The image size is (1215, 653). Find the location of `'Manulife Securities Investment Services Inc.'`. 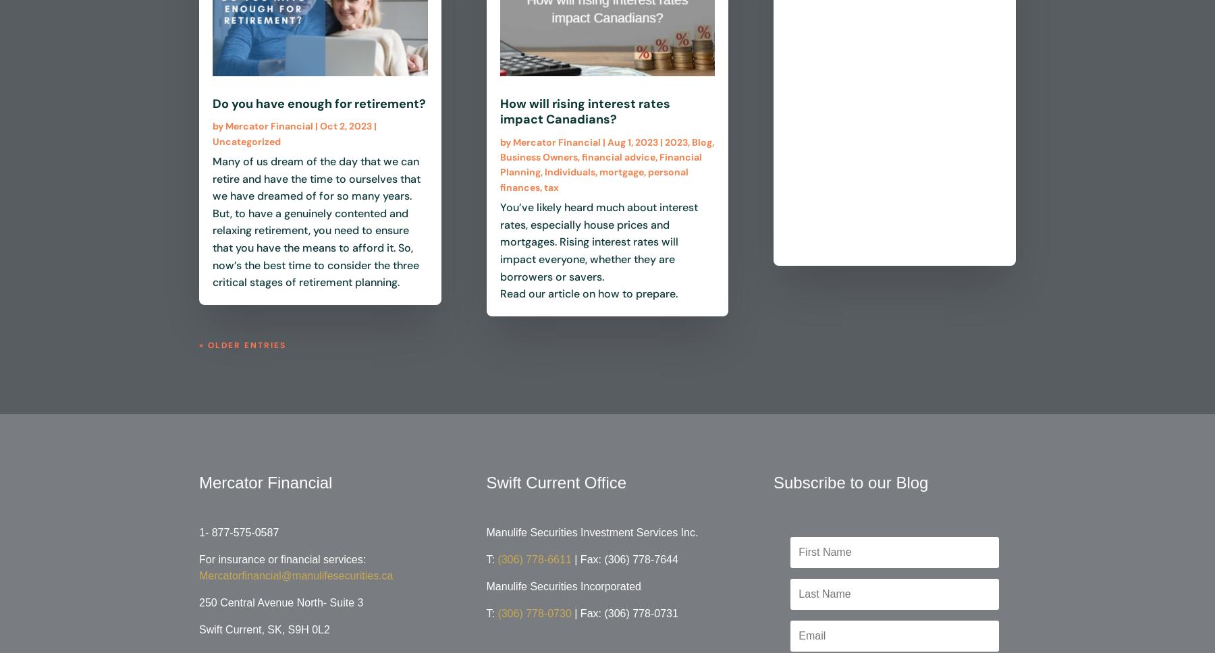

'Manulife Securities Investment Services Inc.' is located at coordinates (591, 531).